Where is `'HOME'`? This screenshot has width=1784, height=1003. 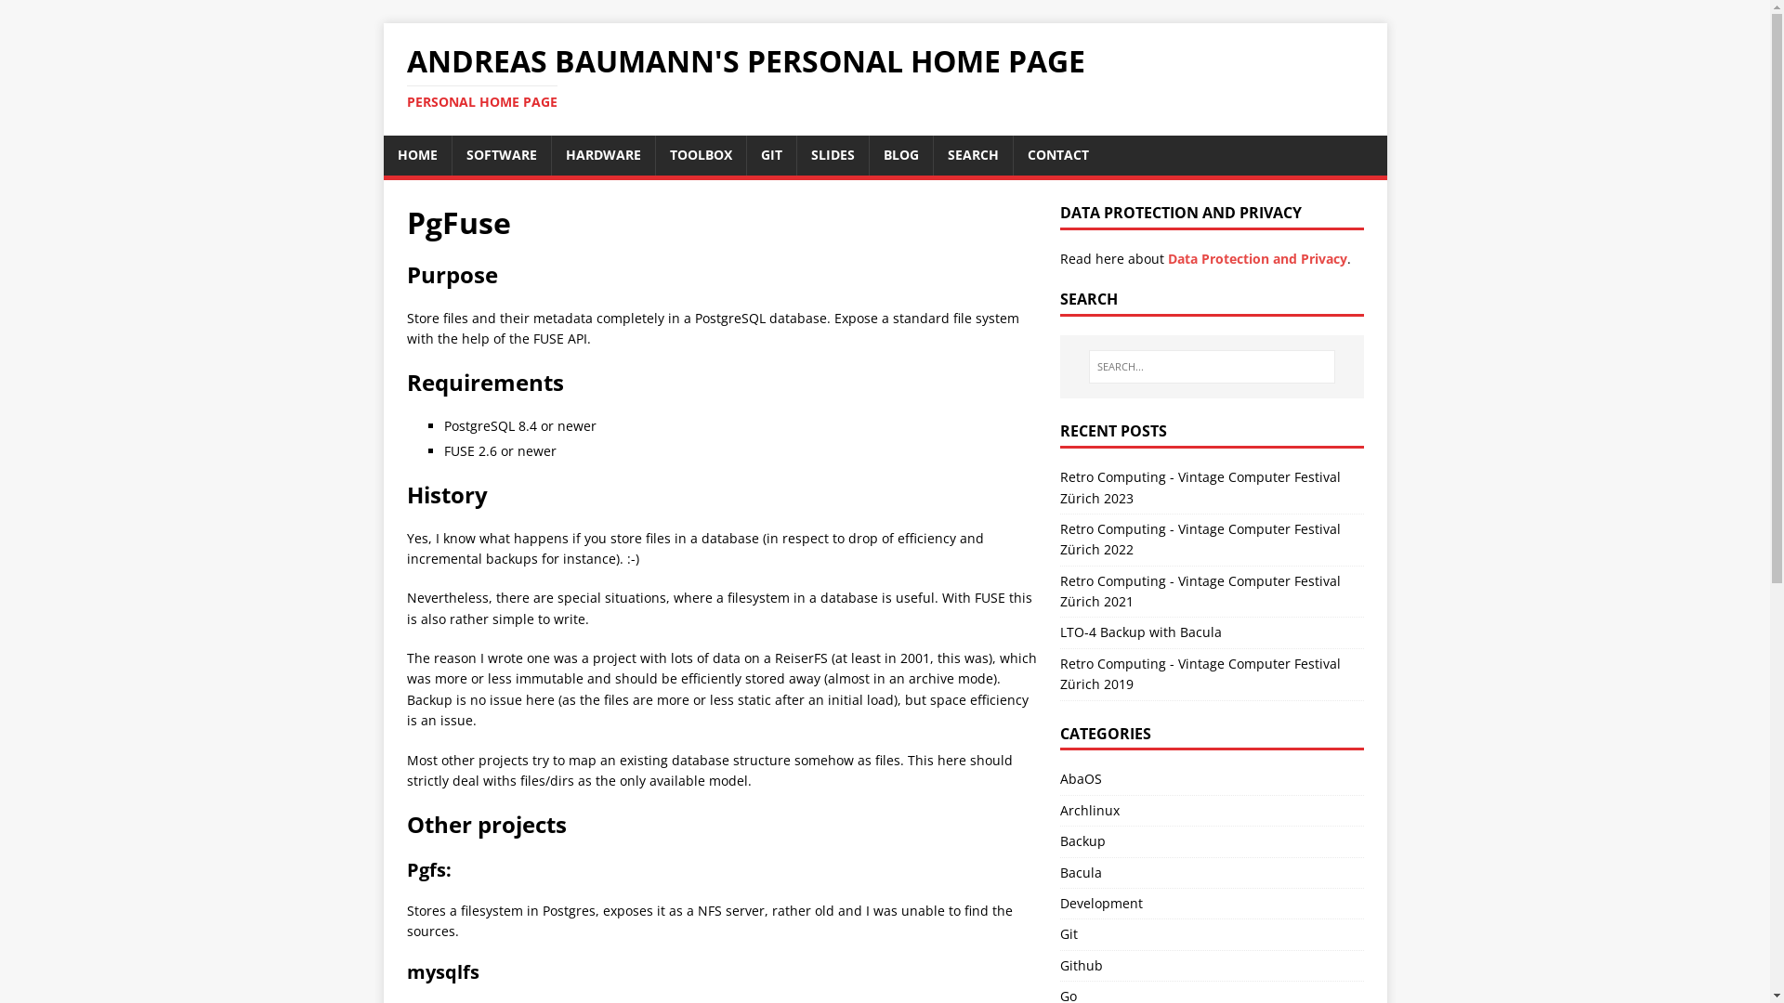
'HOME' is located at coordinates (415, 153).